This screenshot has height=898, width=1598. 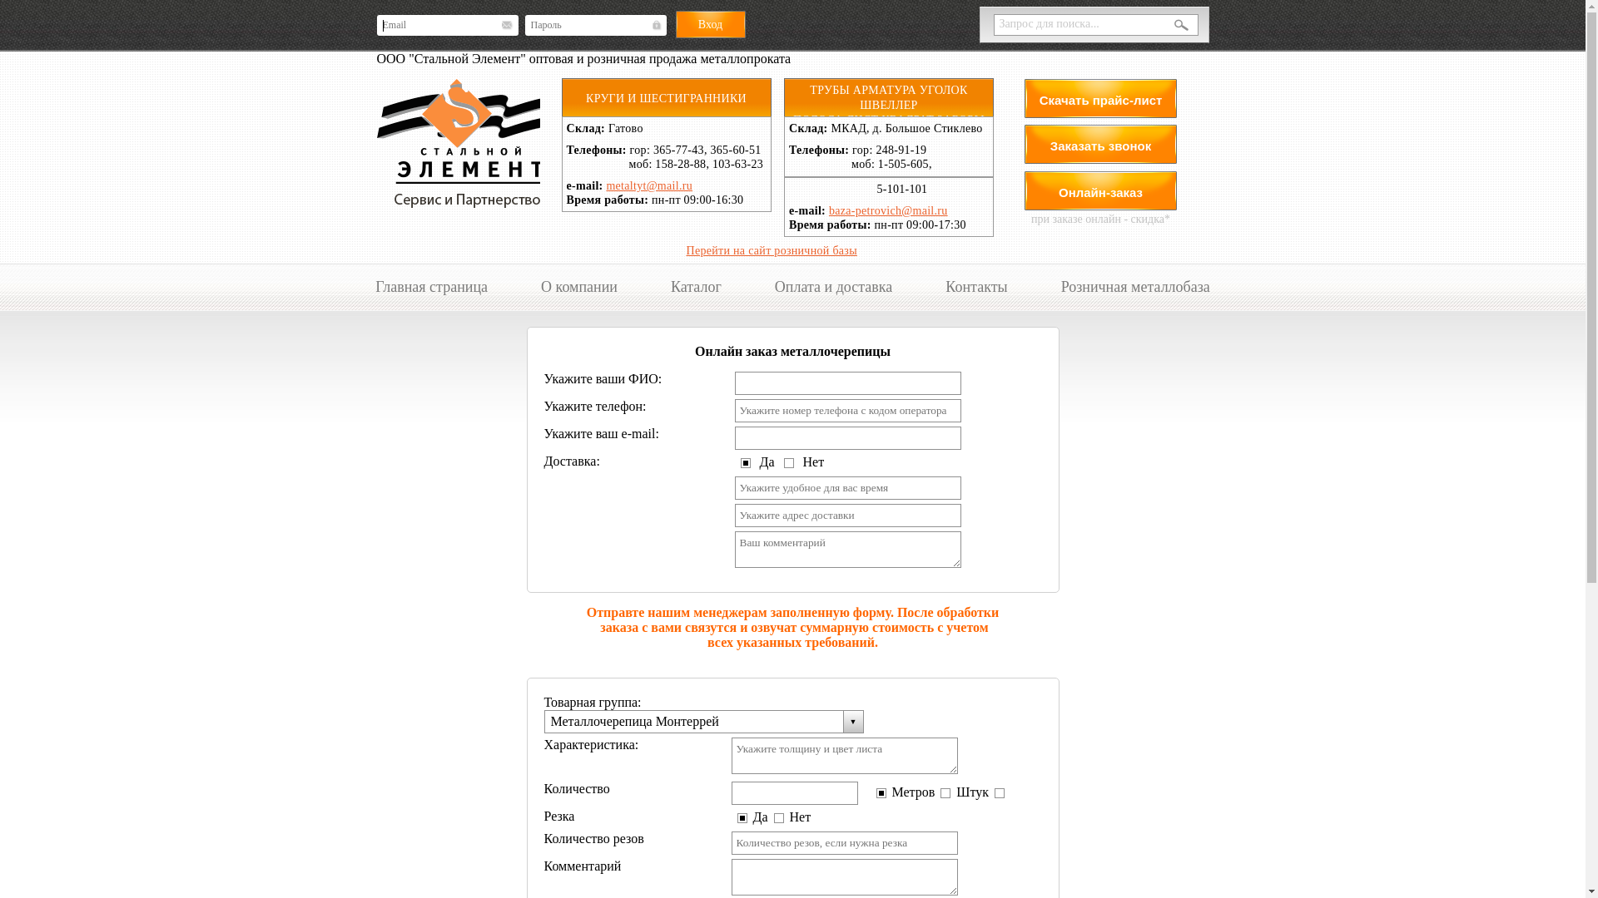 I want to click on 'metaltyt@mail.ru', so click(x=648, y=185).